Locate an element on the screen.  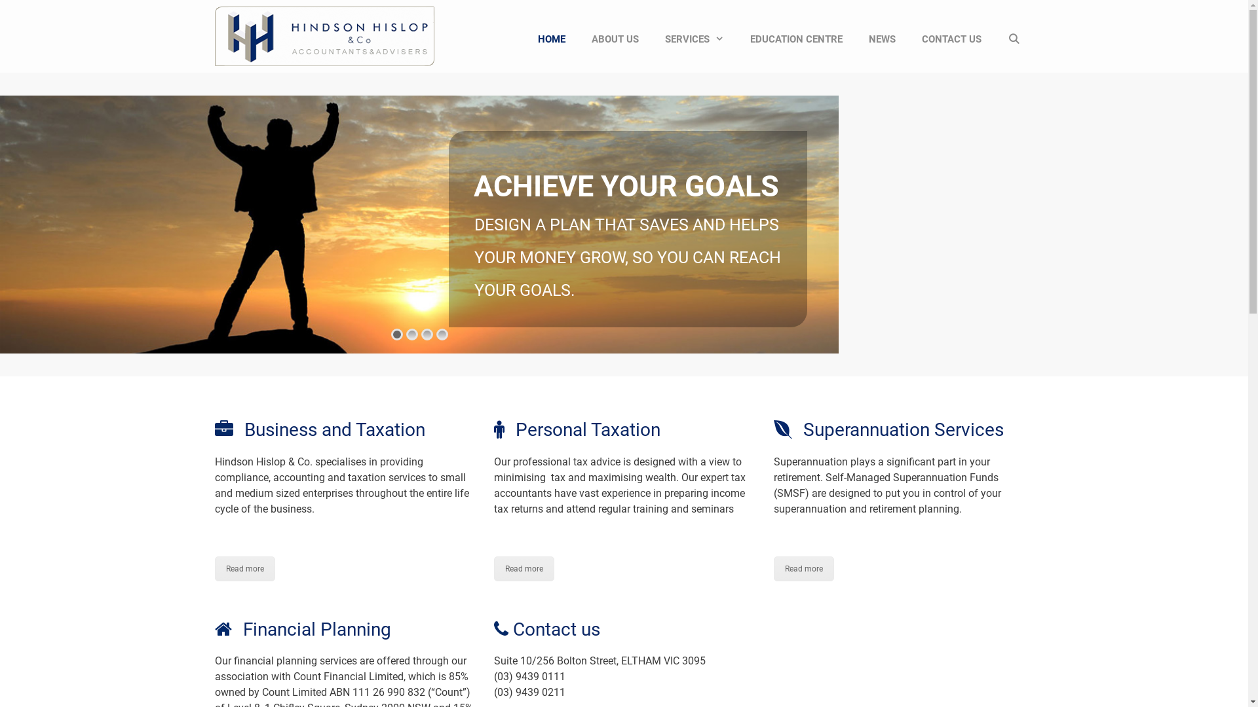
'SERVICES' is located at coordinates (694, 39).